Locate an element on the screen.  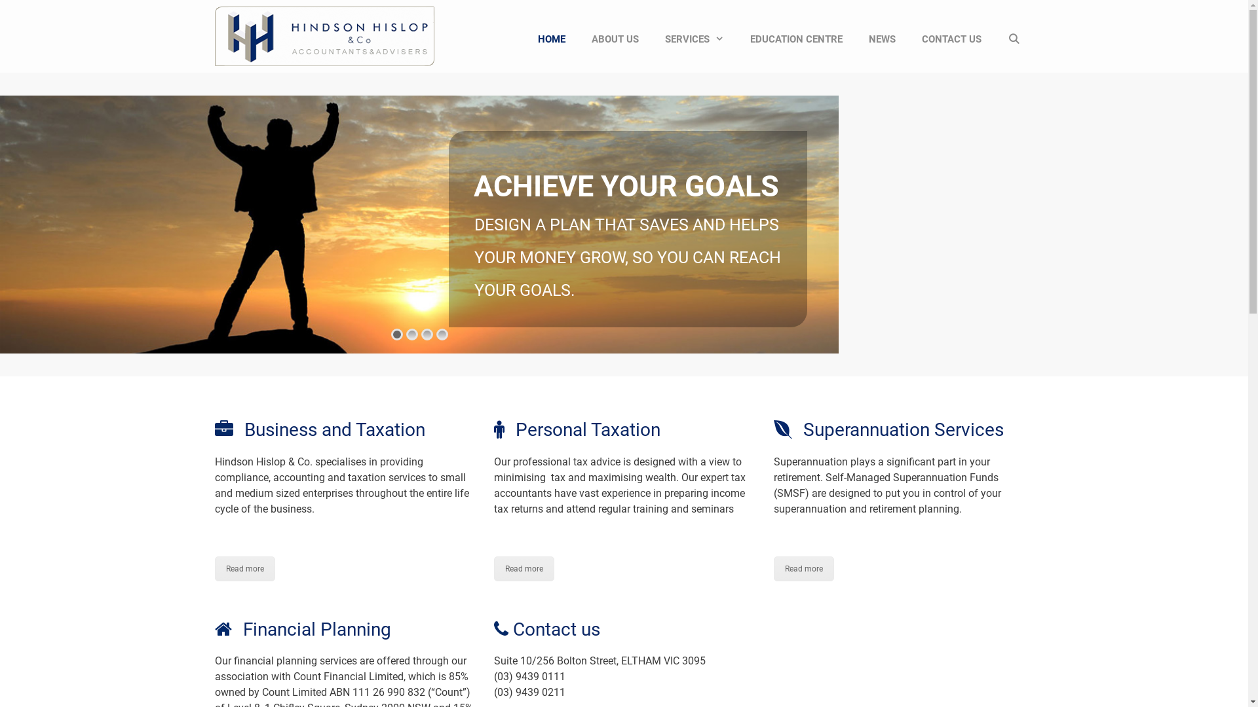
'SERVICES' is located at coordinates (694, 39).